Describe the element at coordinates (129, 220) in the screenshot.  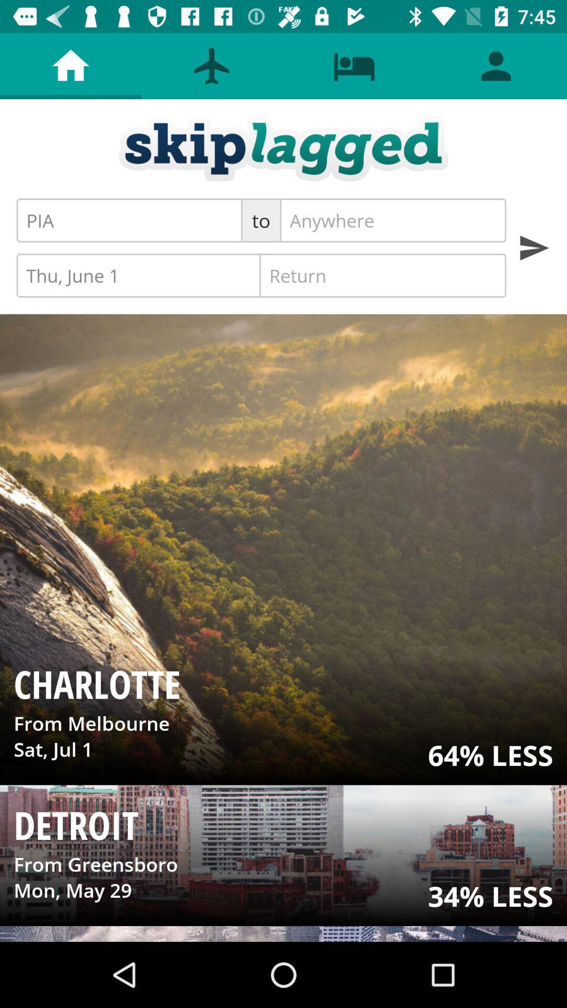
I see `the pia icon` at that location.